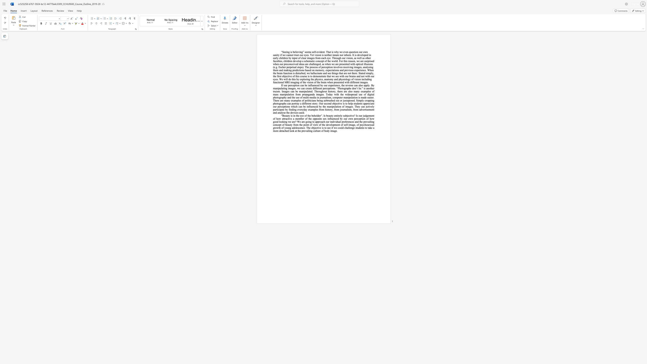 This screenshot has height=364, width=647. What do you see at coordinates (369, 100) in the screenshot?
I see `the subset text "ping photographs can portray a different story. Our second objective is to help students appreciate our perceptions which can be influenced by the manipulation of" within the text "osed. Simply cropping photographs can portray a different story. Our second objective is to help students appreciate our perceptions which can be influenced by the manipulation of images. They can actively participate by finding everyday examples from history, from journalism, from advertisement and analyse the devices used."` at bounding box center [369, 100].